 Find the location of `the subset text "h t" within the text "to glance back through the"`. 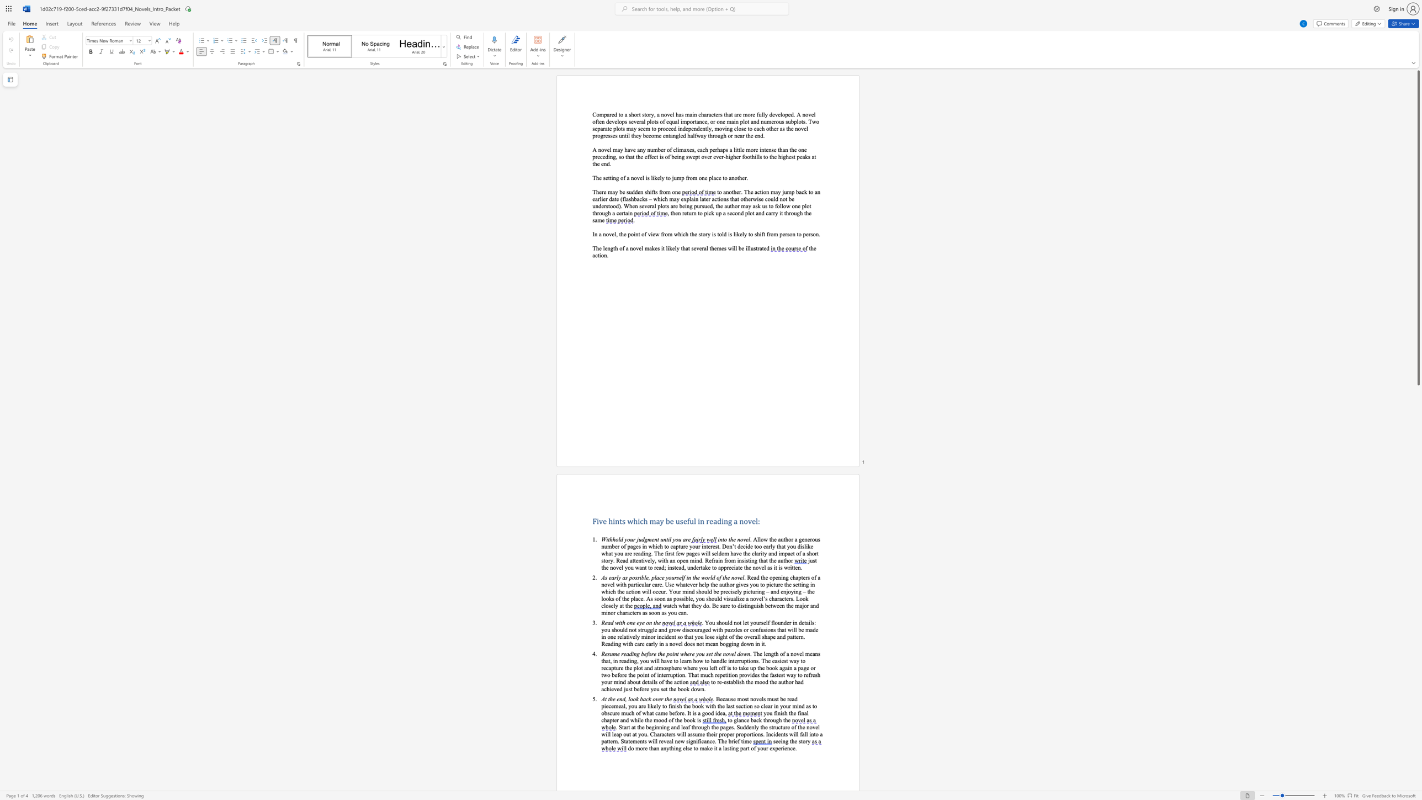

the subset text "h t" within the text "to glance back through the" is located at coordinates (779, 719).